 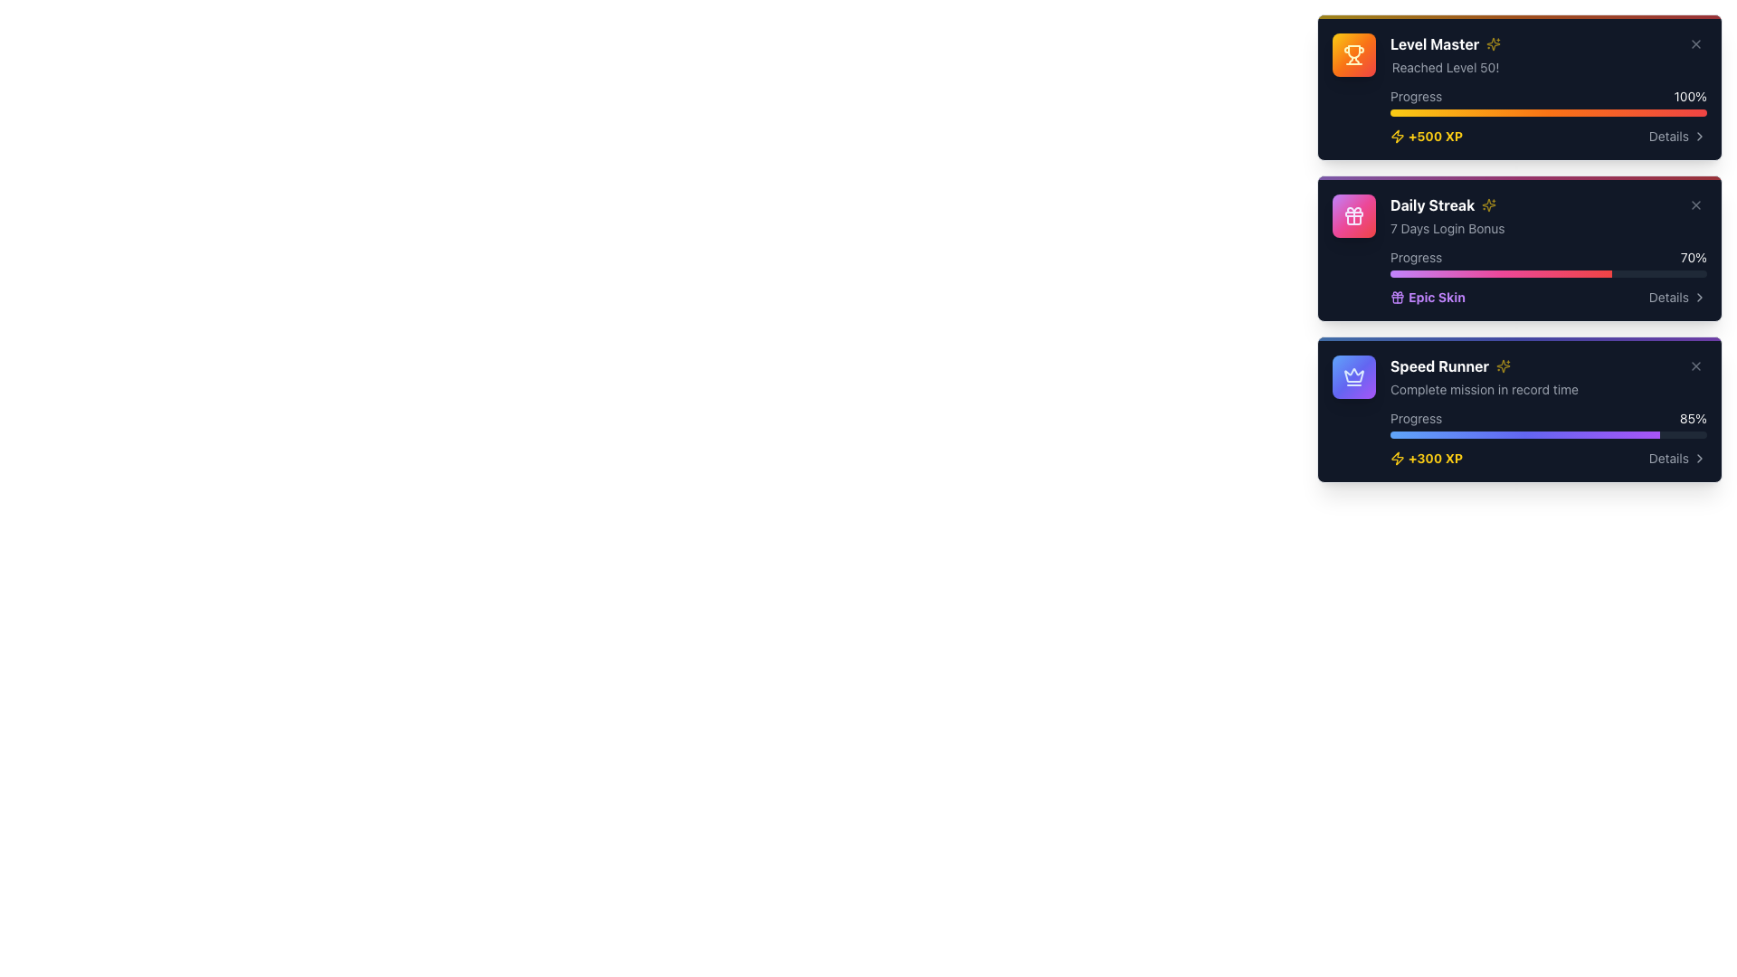 What do you see at coordinates (1548, 375) in the screenshot?
I see `the animation effect of the icon on the 'Speed Runner' descriptive card, which features a bold white title and a gray subtitle, located in the lower right section of the interface` at bounding box center [1548, 375].